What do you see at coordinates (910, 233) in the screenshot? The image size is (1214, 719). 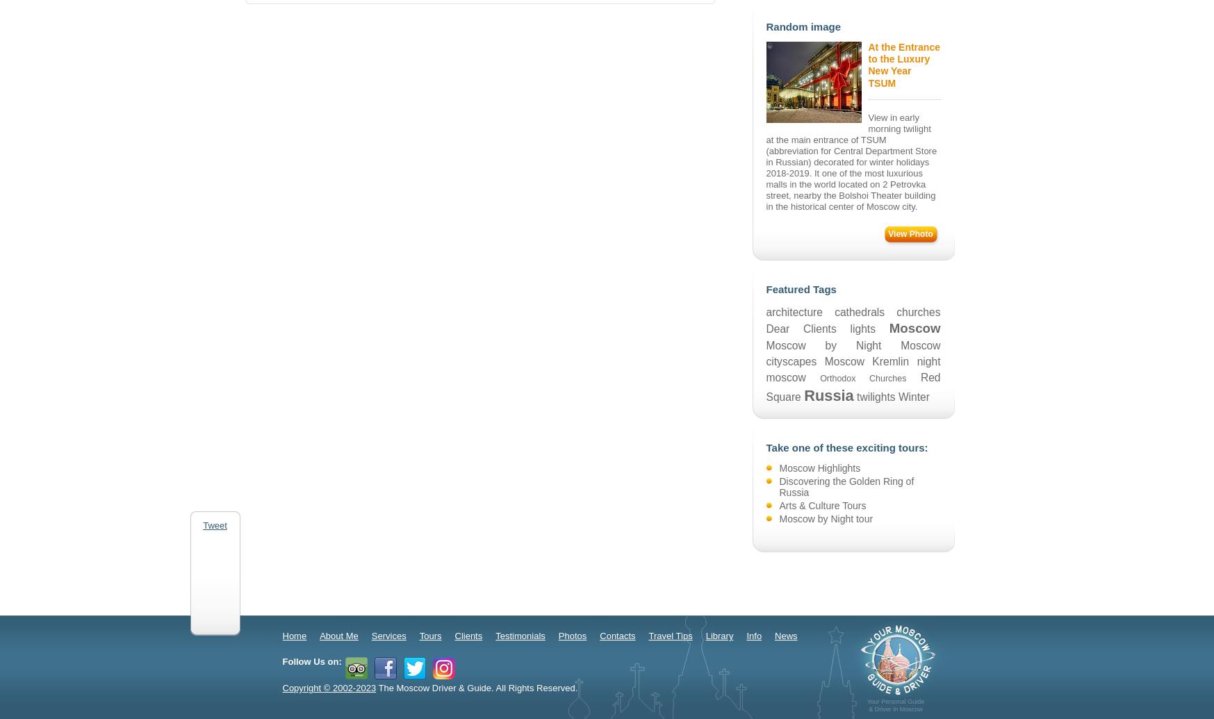 I see `'View Photo'` at bounding box center [910, 233].